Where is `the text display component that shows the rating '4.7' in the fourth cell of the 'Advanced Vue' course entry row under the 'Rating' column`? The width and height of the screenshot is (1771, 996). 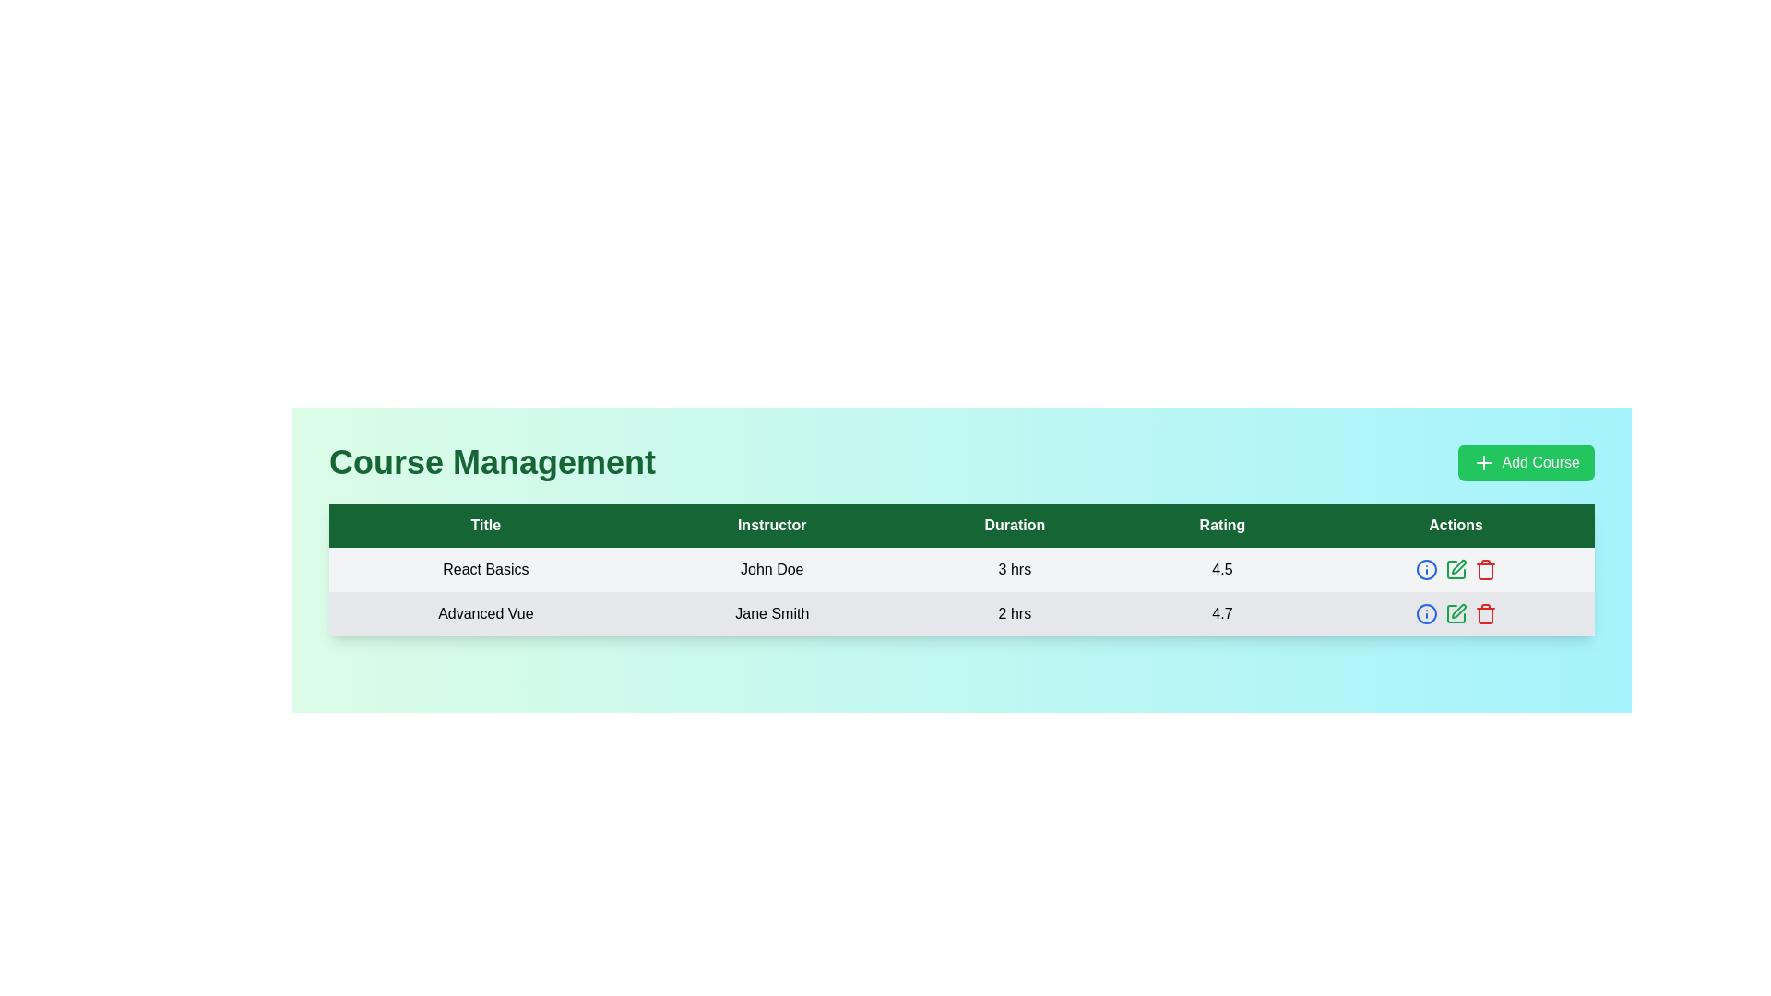
the text display component that shows the rating '4.7' in the fourth cell of the 'Advanced Vue' course entry row under the 'Rating' column is located at coordinates (1222, 614).